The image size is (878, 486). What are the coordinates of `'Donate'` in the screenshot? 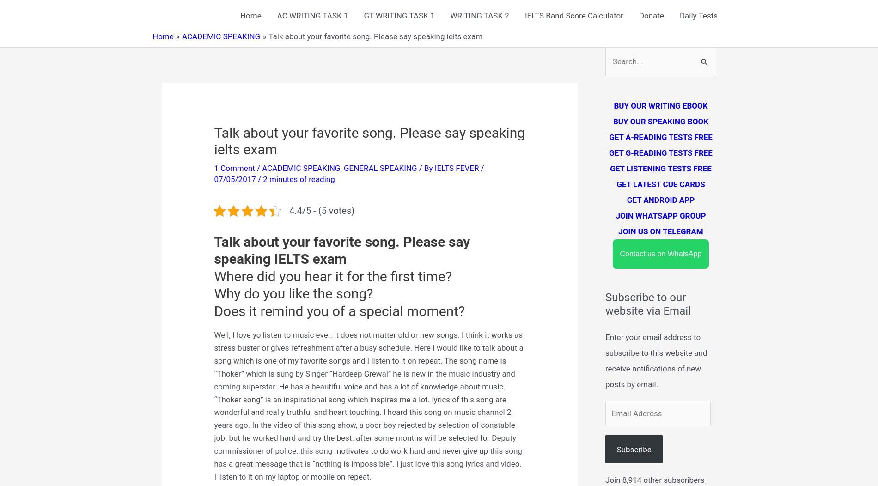 It's located at (651, 15).